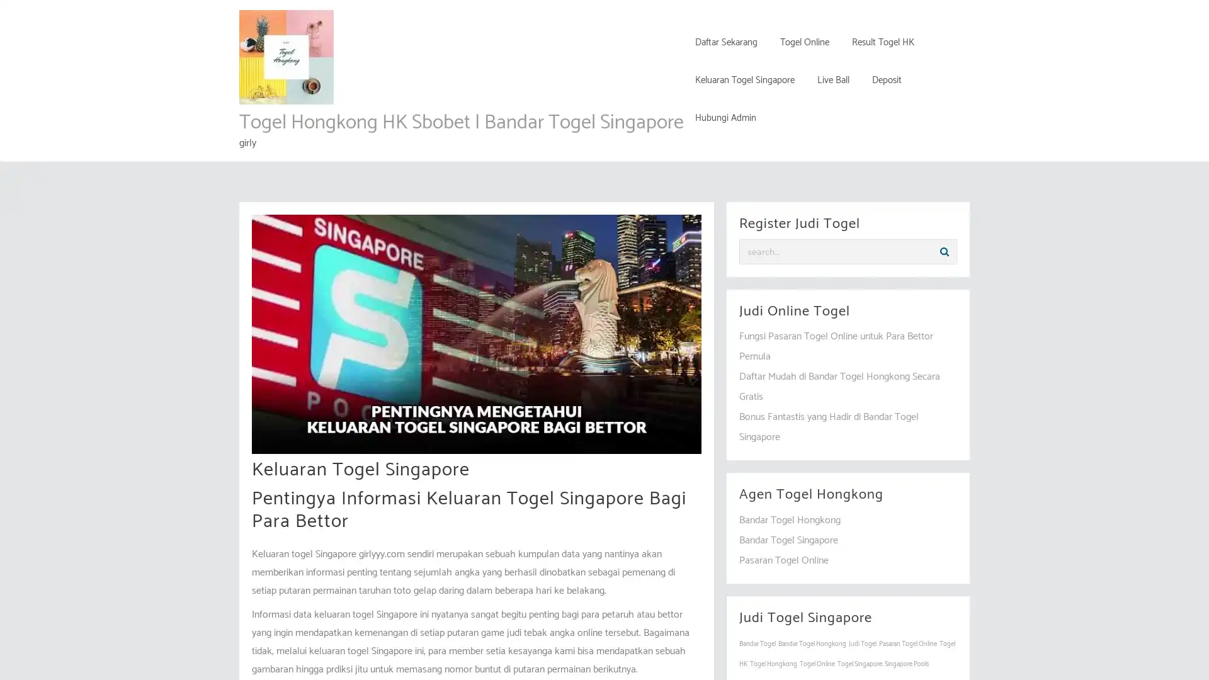  I want to click on Search, so click(944, 252).